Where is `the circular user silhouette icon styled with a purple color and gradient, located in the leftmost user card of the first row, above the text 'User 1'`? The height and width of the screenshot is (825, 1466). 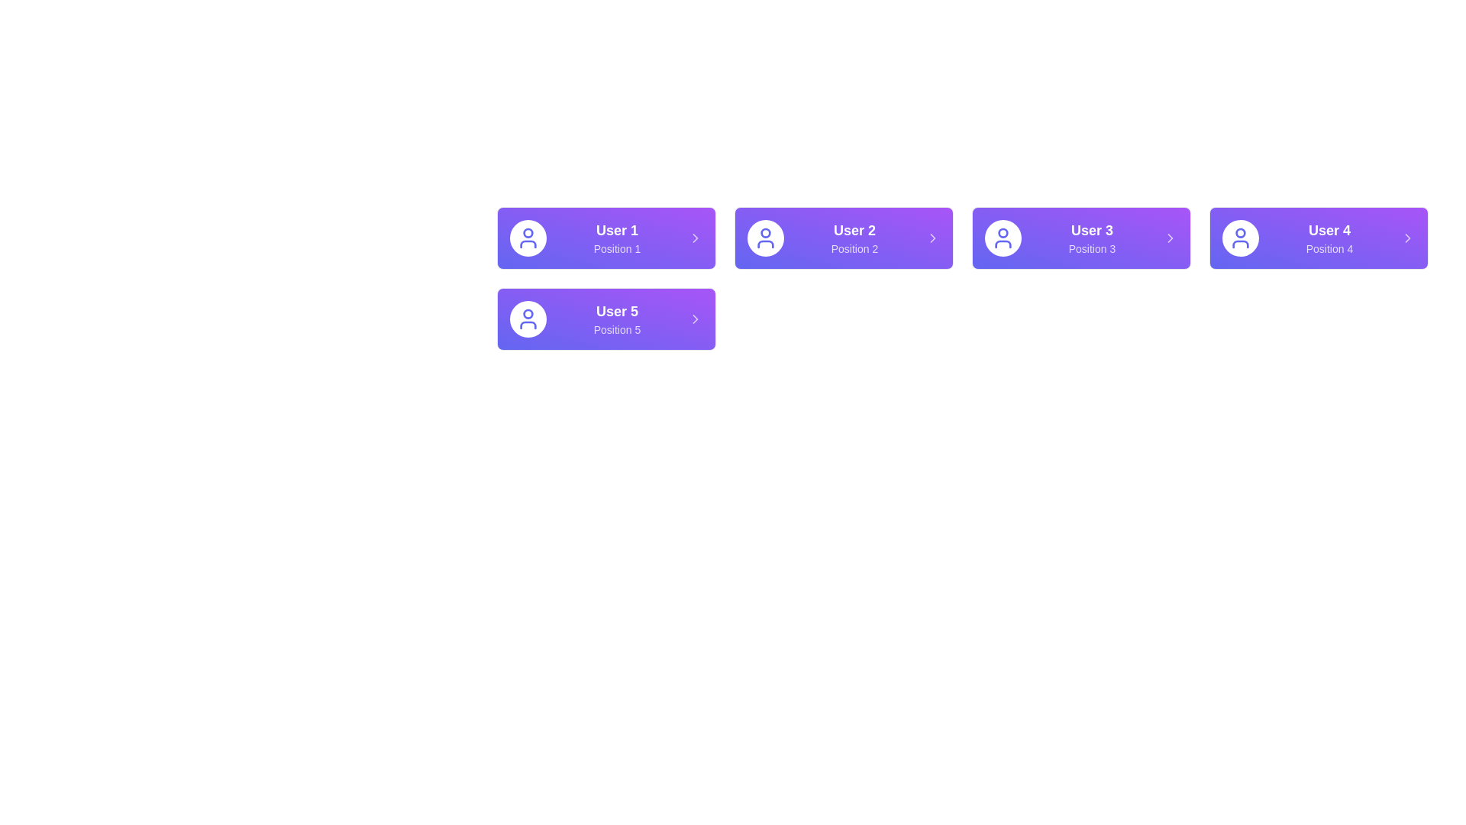 the circular user silhouette icon styled with a purple color and gradient, located in the leftmost user card of the first row, above the text 'User 1' is located at coordinates (528, 238).